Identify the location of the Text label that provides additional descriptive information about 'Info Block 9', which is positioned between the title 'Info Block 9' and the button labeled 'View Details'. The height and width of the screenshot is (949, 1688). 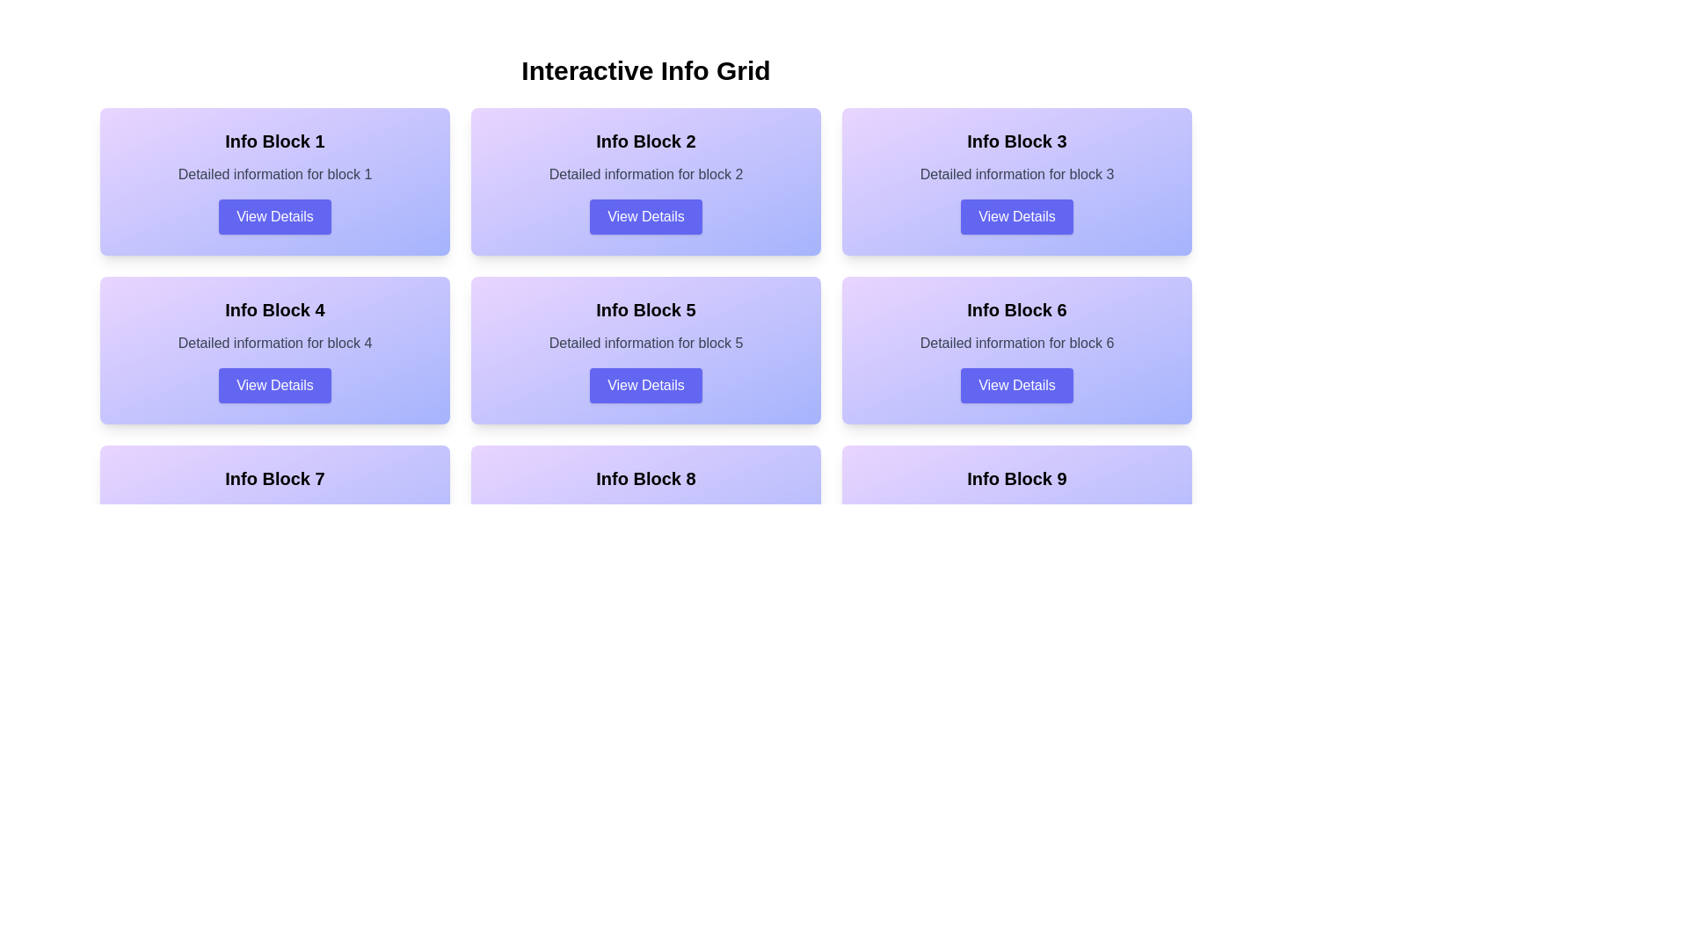
(1016, 511).